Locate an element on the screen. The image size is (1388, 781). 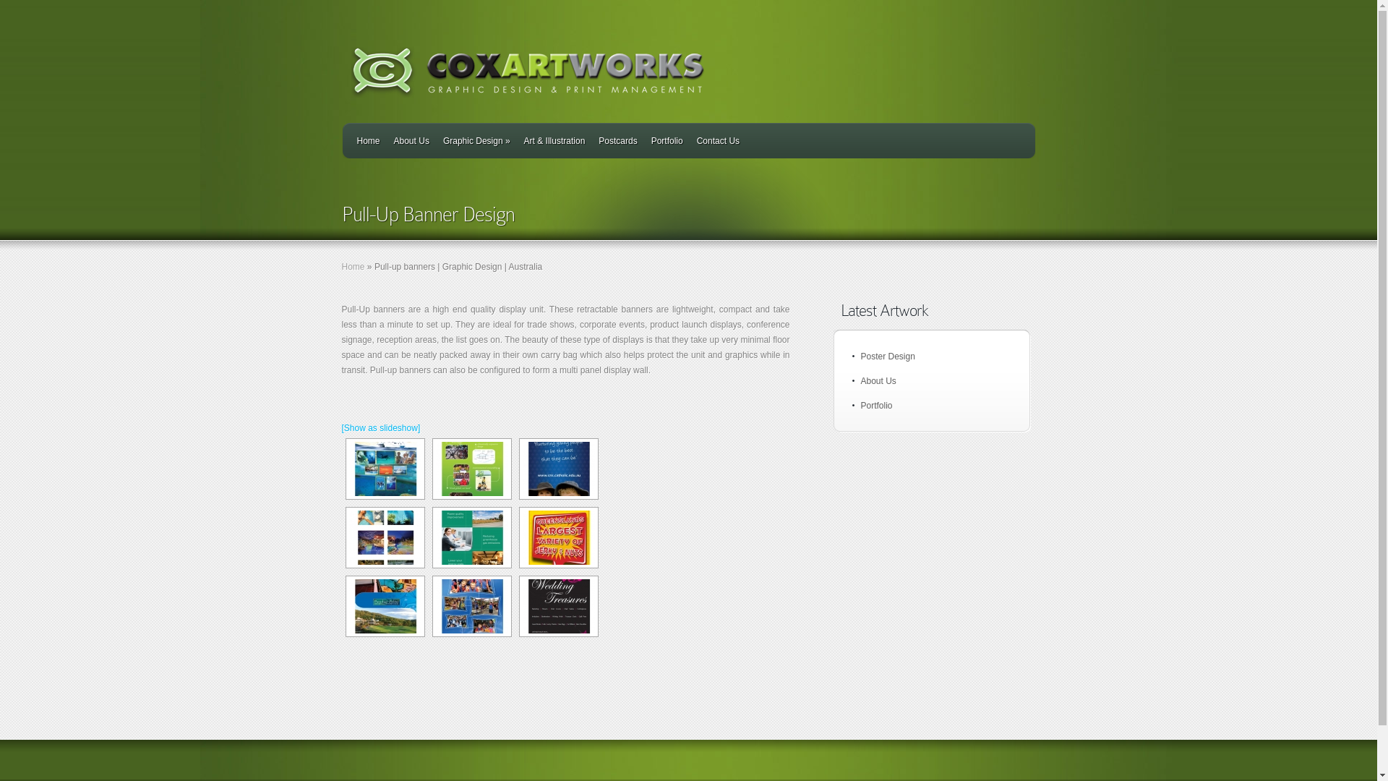
'CathEdBannerstand' is located at coordinates (557, 469).